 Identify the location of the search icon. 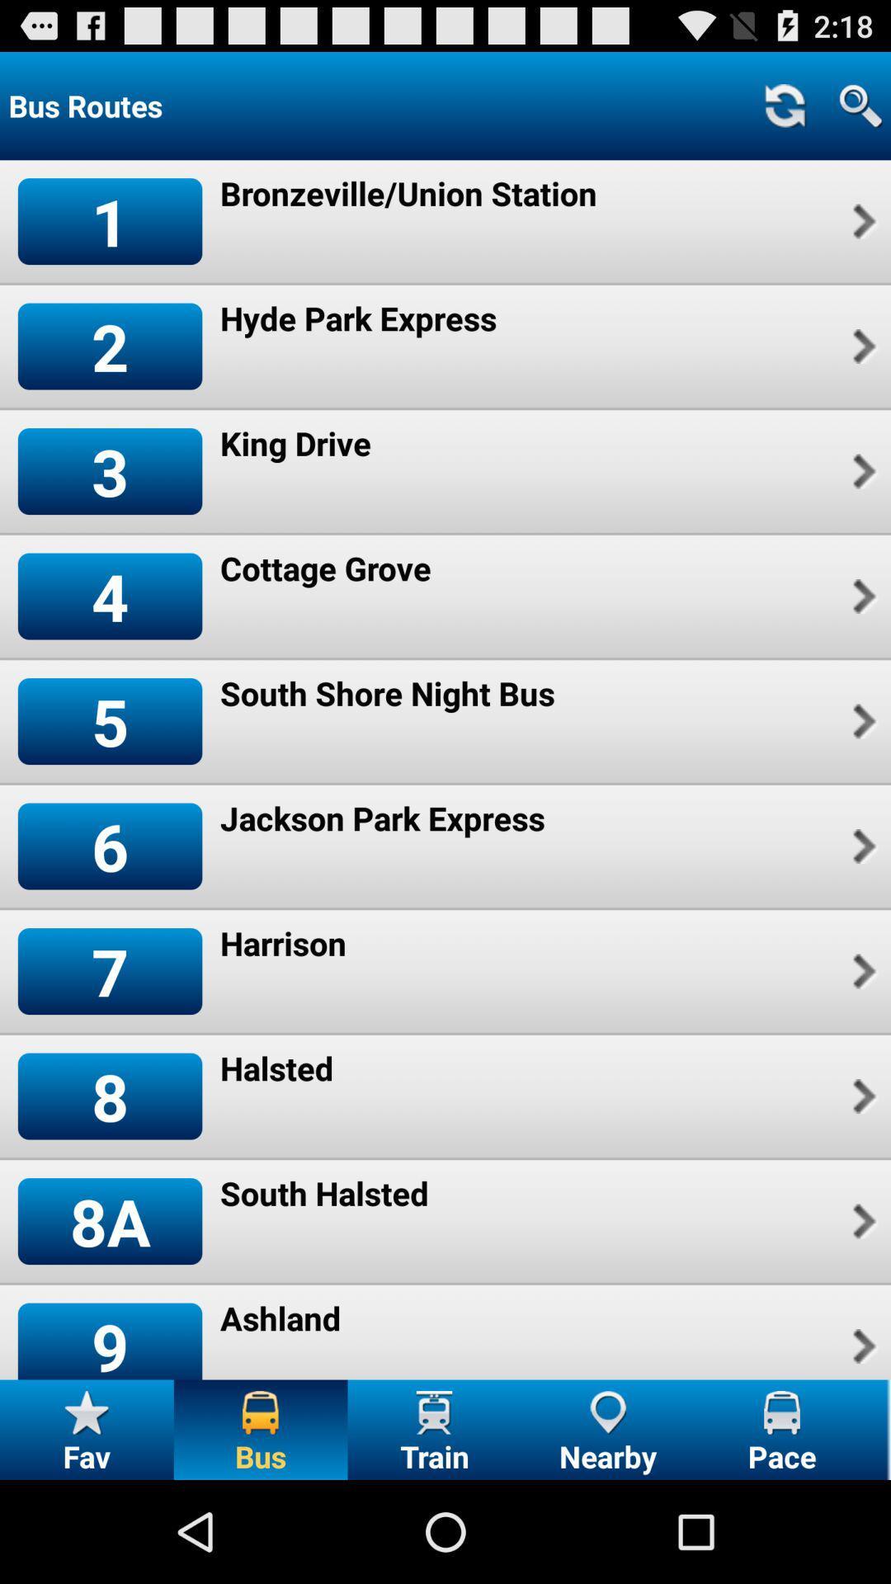
(860, 112).